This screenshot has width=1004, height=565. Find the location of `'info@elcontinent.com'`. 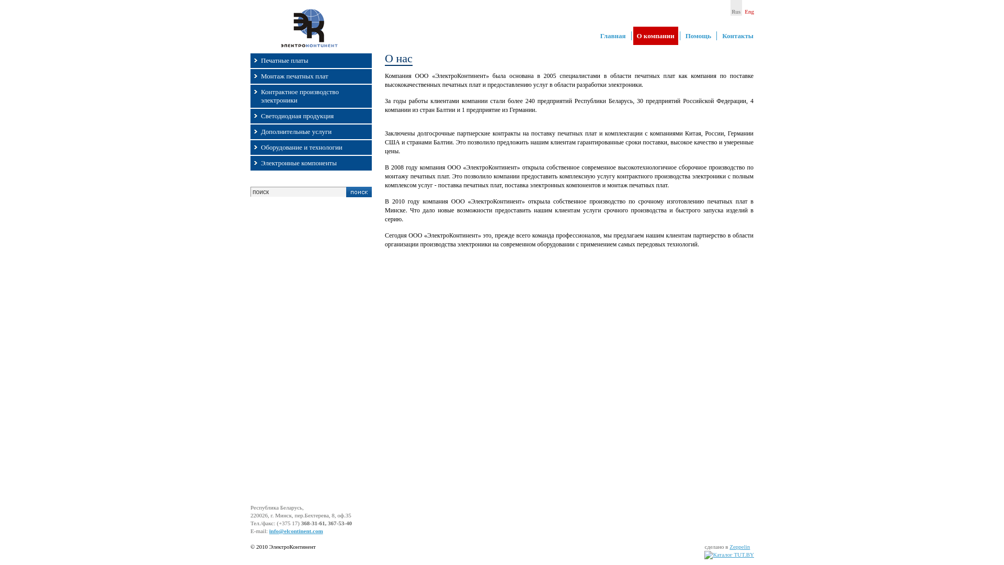

'info@elcontinent.com' is located at coordinates (295, 530).